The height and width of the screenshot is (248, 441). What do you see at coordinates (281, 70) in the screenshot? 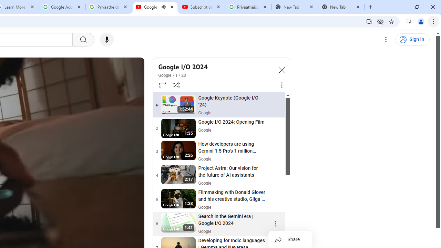
I see `'Collapse'` at bounding box center [281, 70].